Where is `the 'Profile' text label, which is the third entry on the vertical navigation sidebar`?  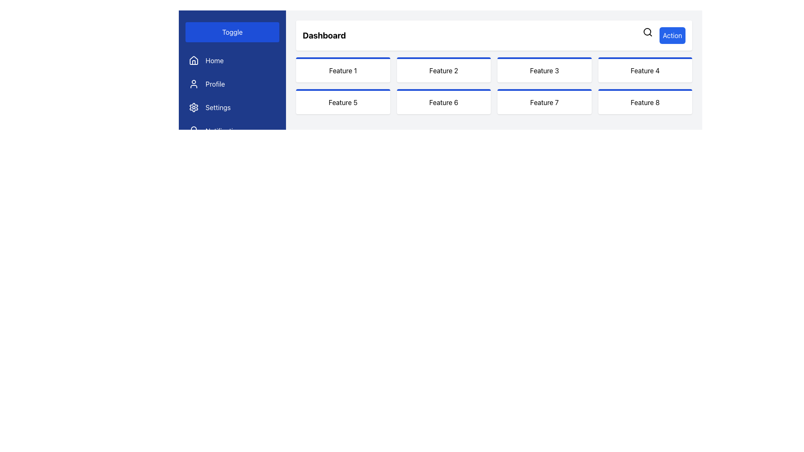 the 'Profile' text label, which is the third entry on the vertical navigation sidebar is located at coordinates (215, 84).